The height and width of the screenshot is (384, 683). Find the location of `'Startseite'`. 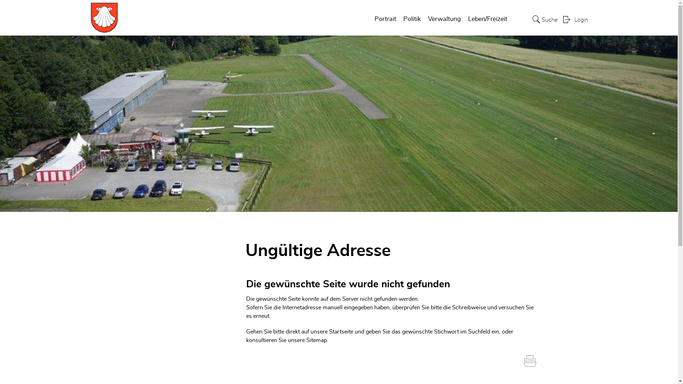

'Startseite' is located at coordinates (341, 332).